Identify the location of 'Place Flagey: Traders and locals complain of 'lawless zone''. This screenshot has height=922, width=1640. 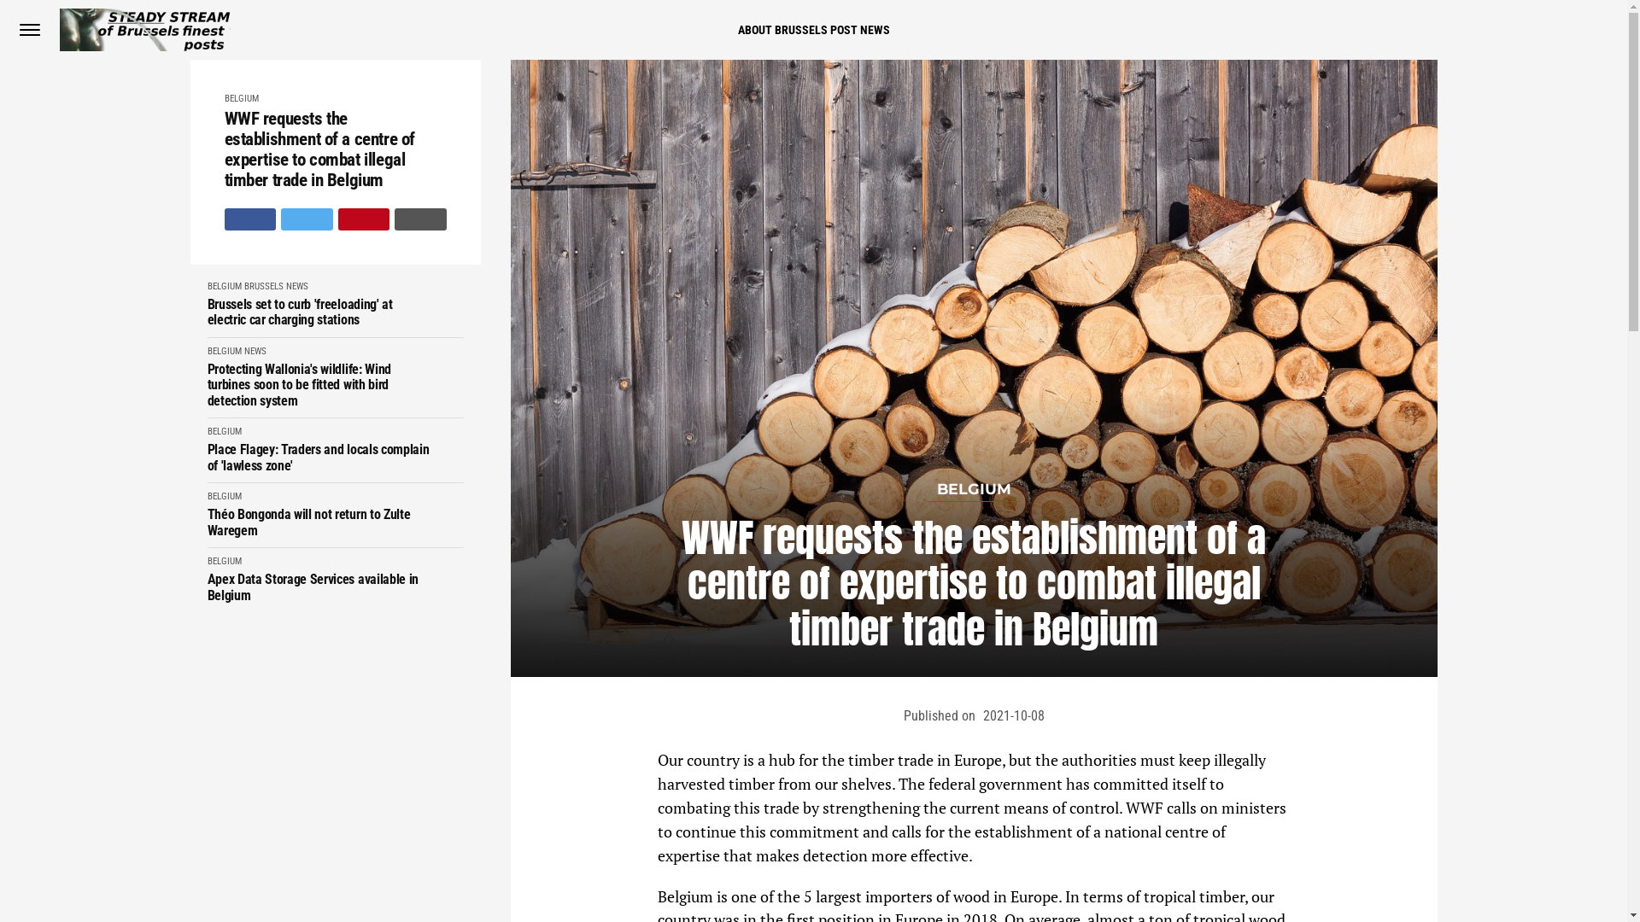
(205, 457).